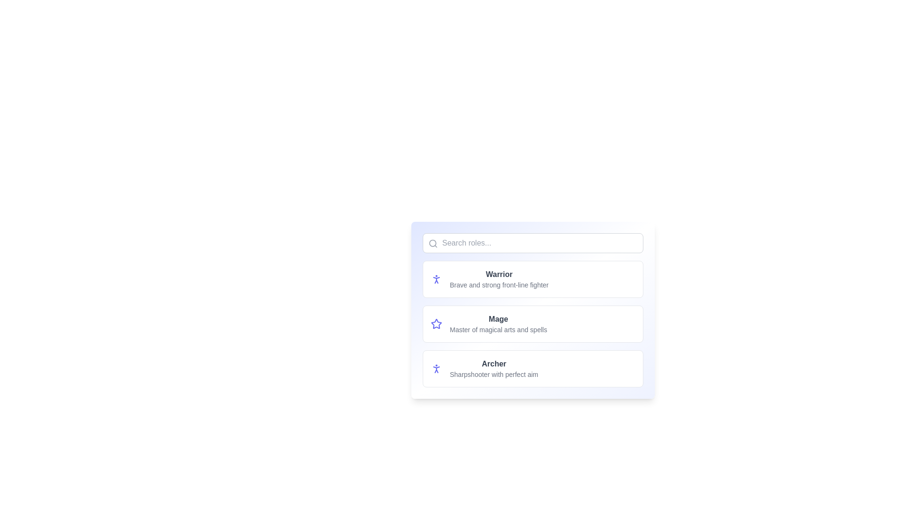  What do you see at coordinates (533, 324) in the screenshot?
I see `the second panel of the vertical role selection list` at bounding box center [533, 324].